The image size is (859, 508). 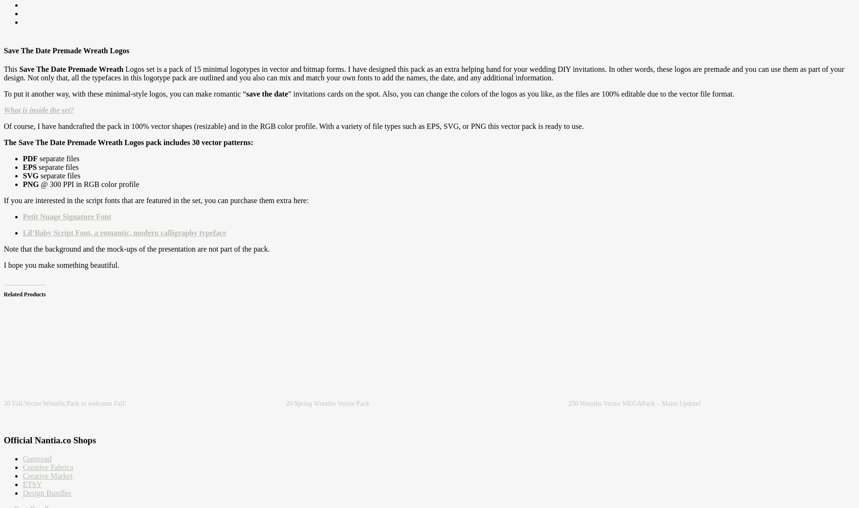 I want to click on 'EPS', so click(x=29, y=166).